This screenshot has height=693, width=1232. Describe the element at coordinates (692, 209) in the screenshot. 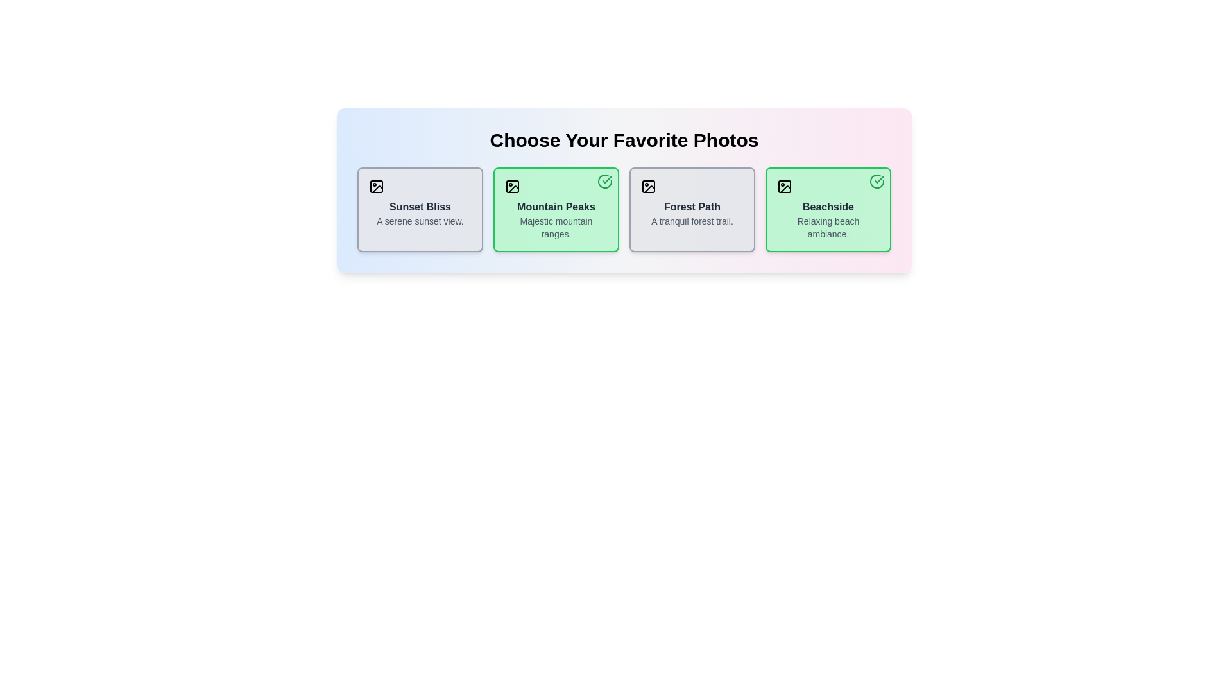

I see `the photo card titled 'Forest Path' to observe the scale transformation effect` at that location.